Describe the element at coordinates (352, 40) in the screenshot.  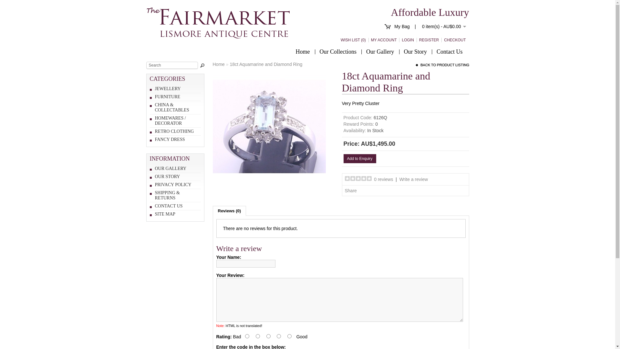
I see `'WISH LIST (0)'` at that location.